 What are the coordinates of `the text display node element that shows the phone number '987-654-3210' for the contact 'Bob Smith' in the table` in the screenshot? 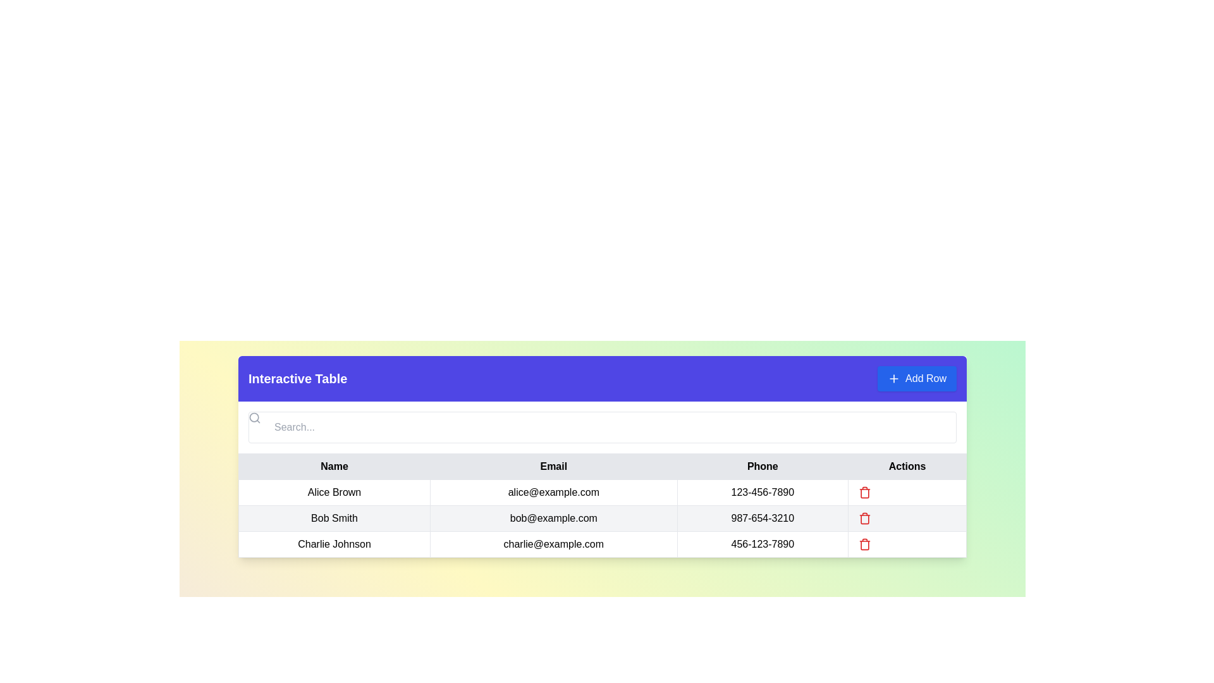 It's located at (762, 519).